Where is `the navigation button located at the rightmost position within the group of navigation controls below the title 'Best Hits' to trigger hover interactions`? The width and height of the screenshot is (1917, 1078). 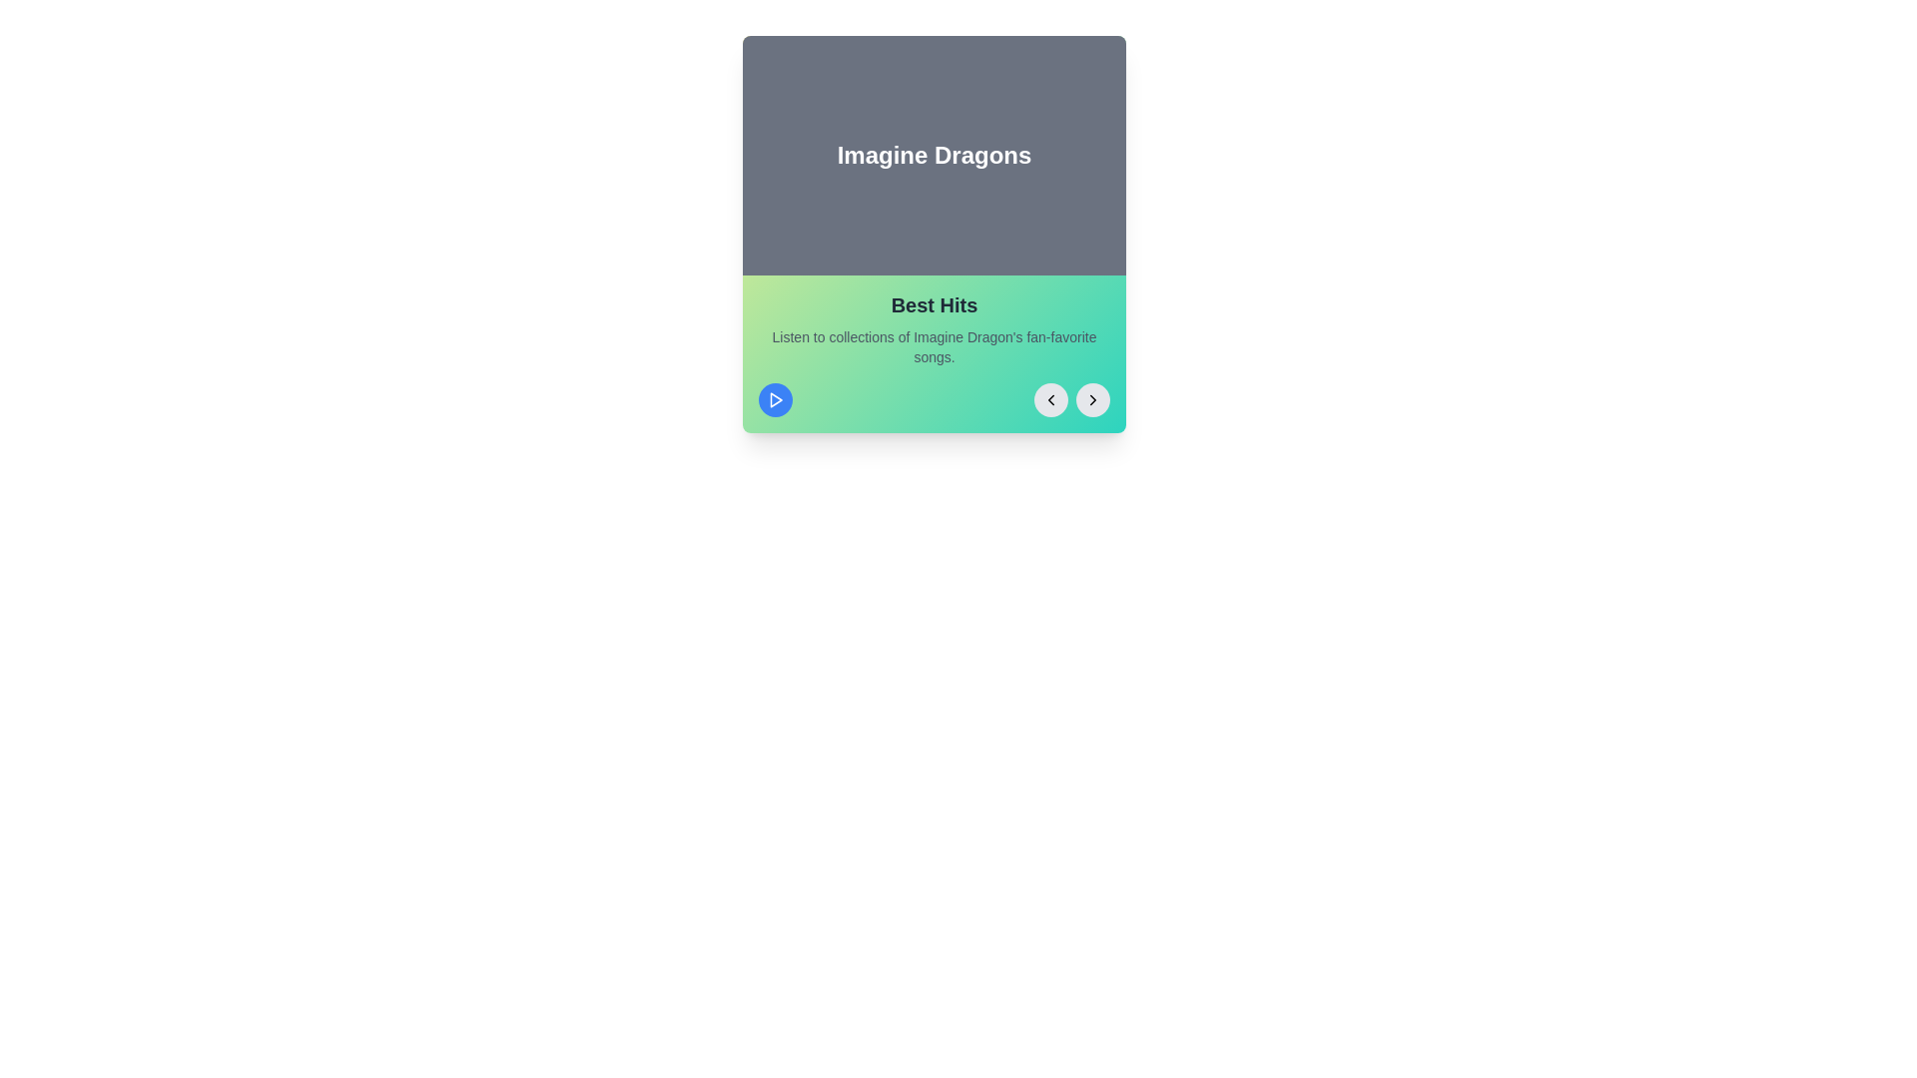 the navigation button located at the rightmost position within the group of navigation controls below the title 'Best Hits' to trigger hover interactions is located at coordinates (1091, 400).